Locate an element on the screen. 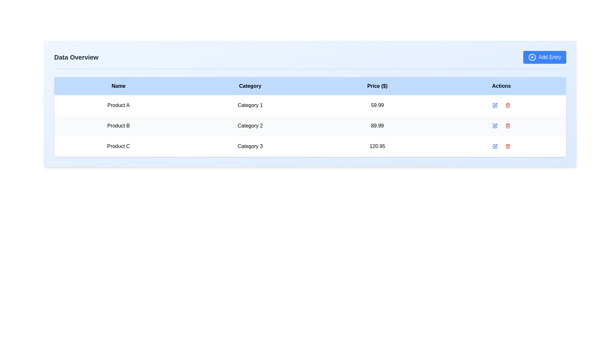 The image size is (616, 346). the first data row of the table that includes product name, category, and price details is located at coordinates (310, 105).